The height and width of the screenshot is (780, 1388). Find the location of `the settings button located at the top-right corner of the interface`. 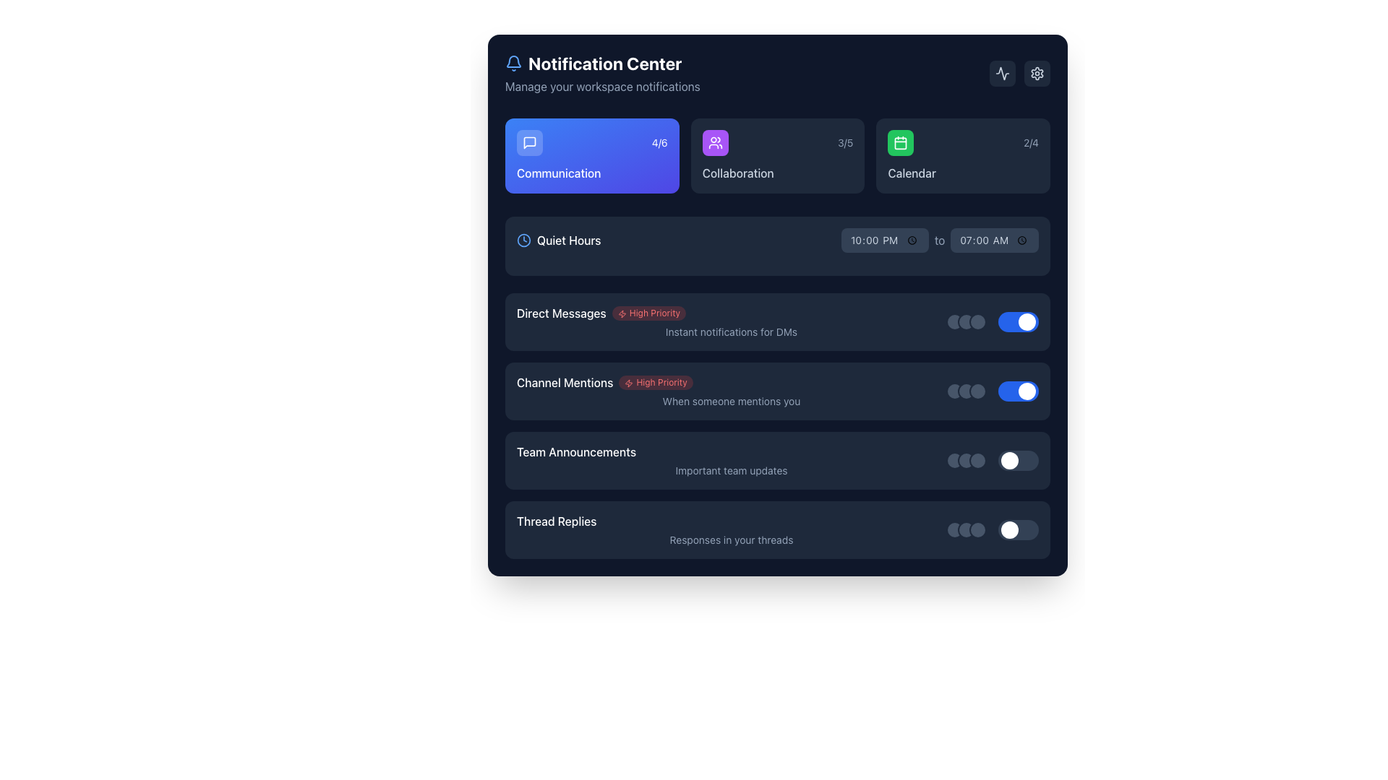

the settings button located at the top-right corner of the interface is located at coordinates (1037, 73).